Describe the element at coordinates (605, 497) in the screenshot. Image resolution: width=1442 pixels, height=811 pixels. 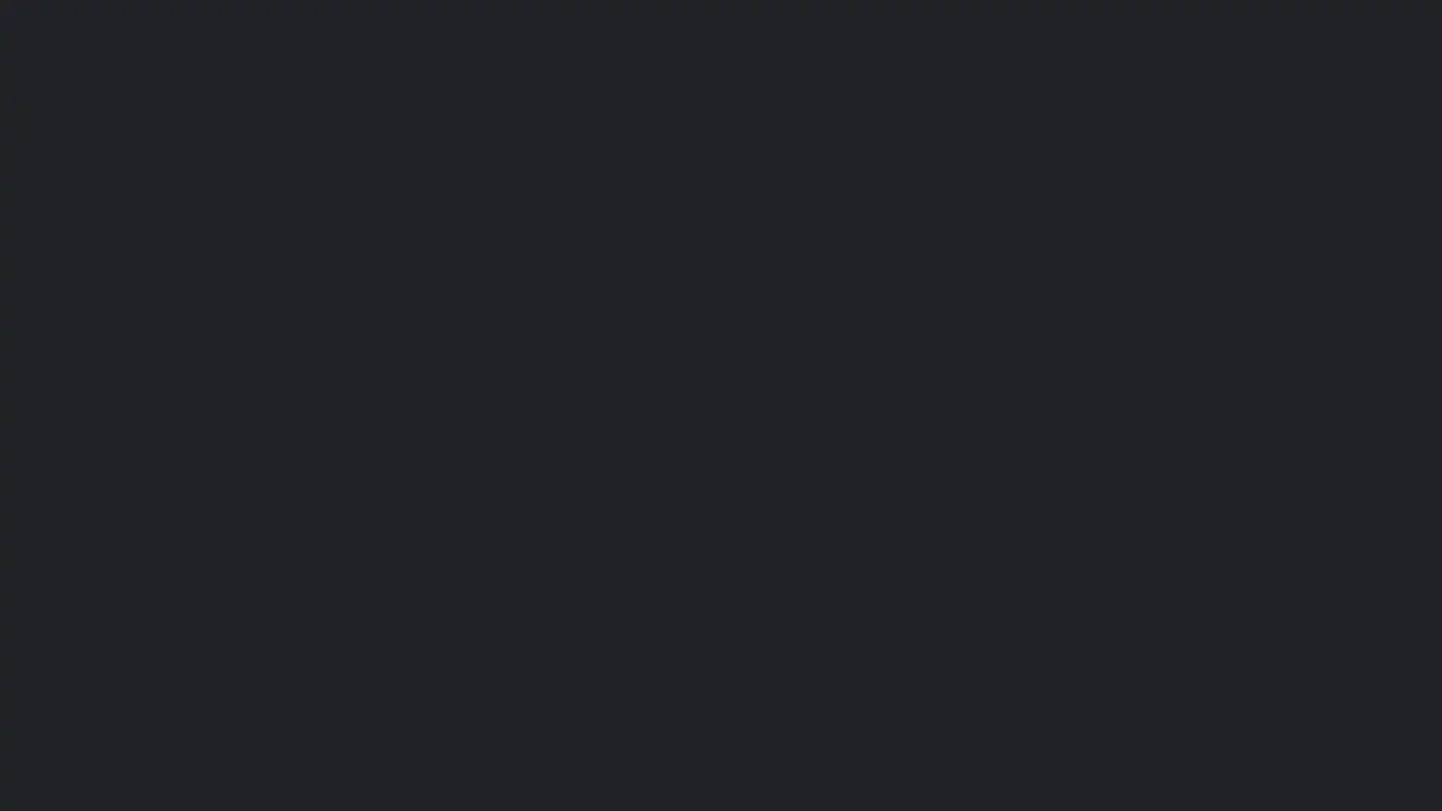
I see `Login` at that location.